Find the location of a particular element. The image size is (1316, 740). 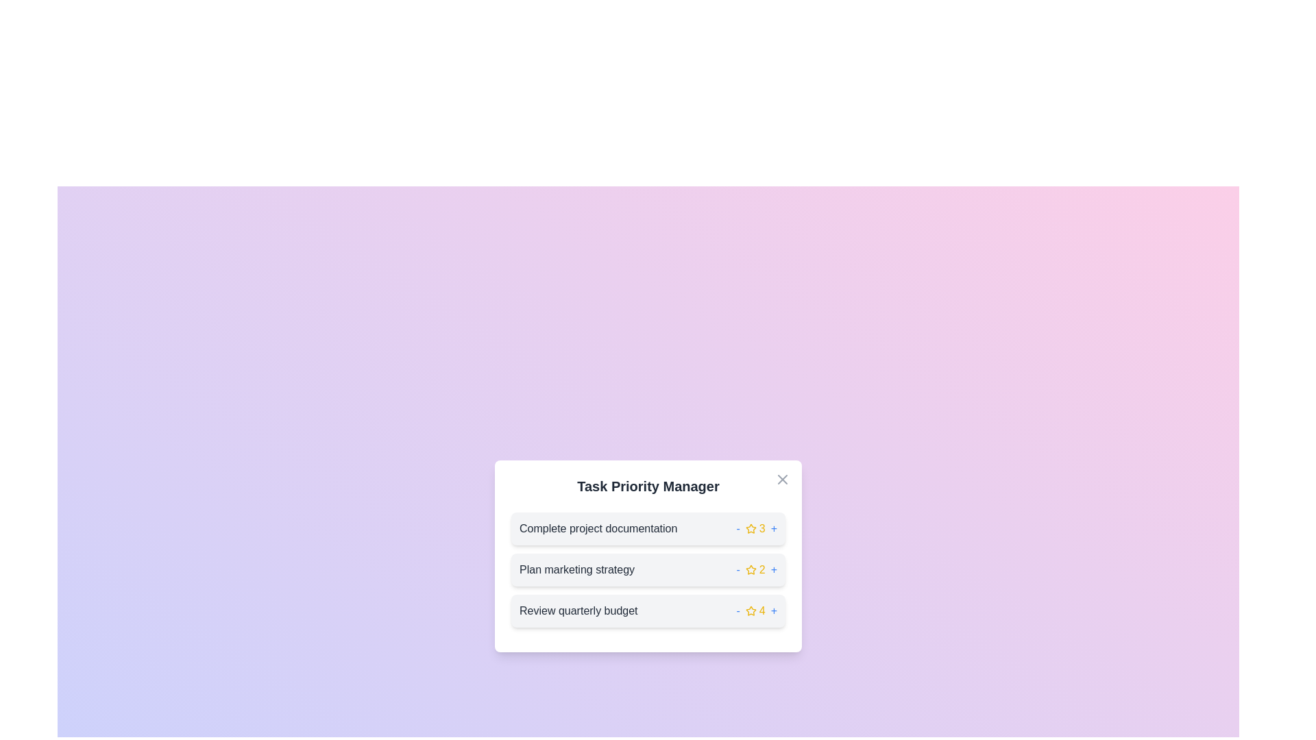

close button in the top-right corner of the dialog is located at coordinates (783, 478).